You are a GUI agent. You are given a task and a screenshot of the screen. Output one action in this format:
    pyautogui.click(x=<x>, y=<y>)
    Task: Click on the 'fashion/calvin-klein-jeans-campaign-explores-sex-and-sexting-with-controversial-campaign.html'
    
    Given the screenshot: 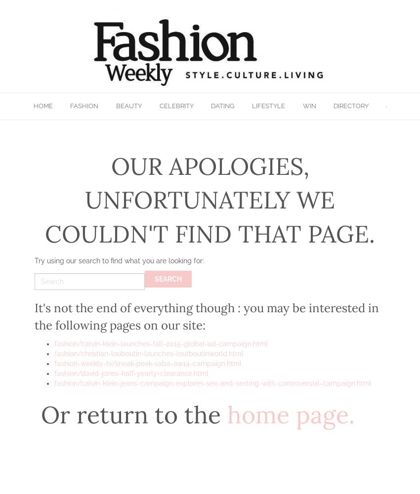 What is the action you would take?
    pyautogui.click(x=212, y=383)
    